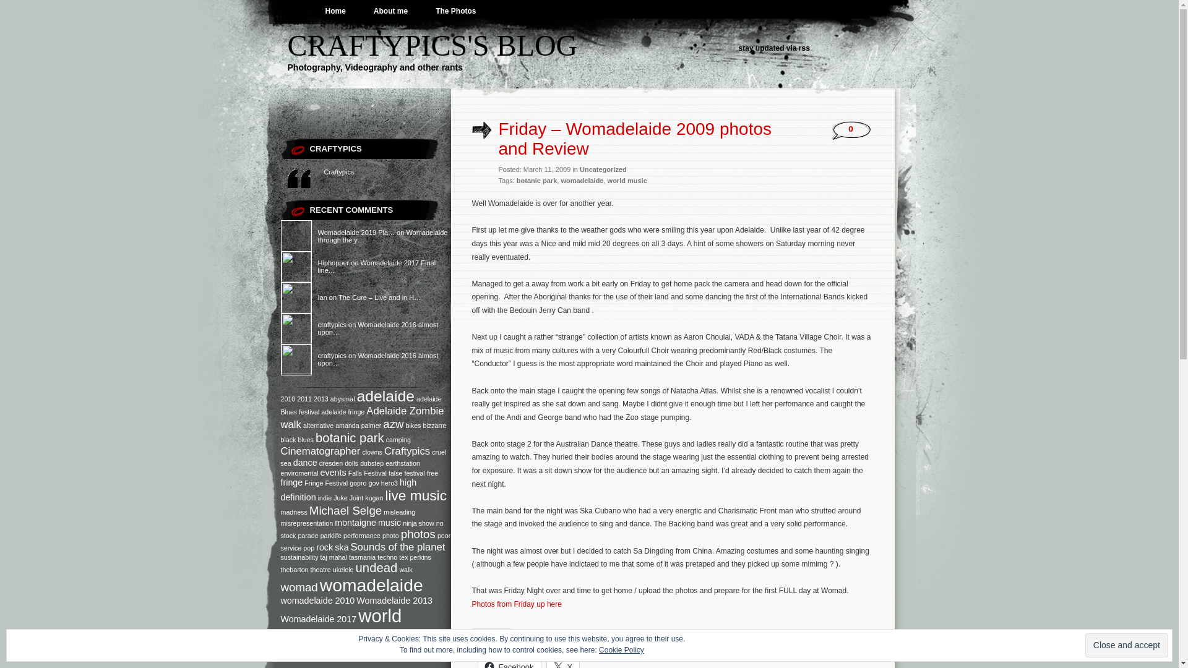 The image size is (1188, 668). I want to click on 'music', so click(389, 522).